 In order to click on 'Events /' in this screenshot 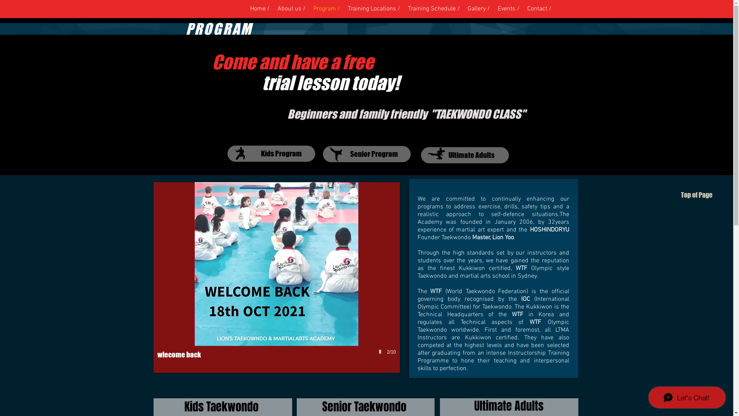, I will do `click(508, 9)`.